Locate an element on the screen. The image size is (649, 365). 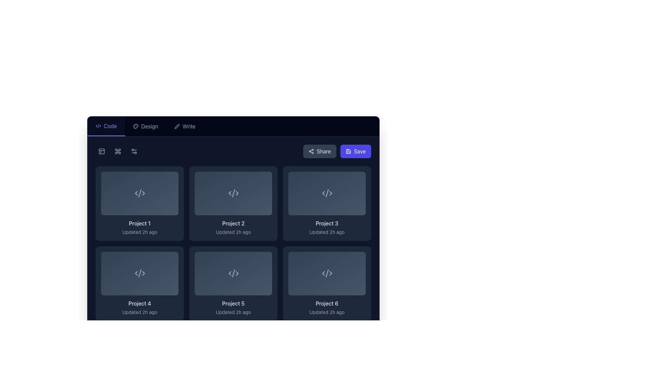
the settings or filter icon located in the top row of the dark sidebar, second from the left, which consists of two circles connected by a line is located at coordinates (134, 151).